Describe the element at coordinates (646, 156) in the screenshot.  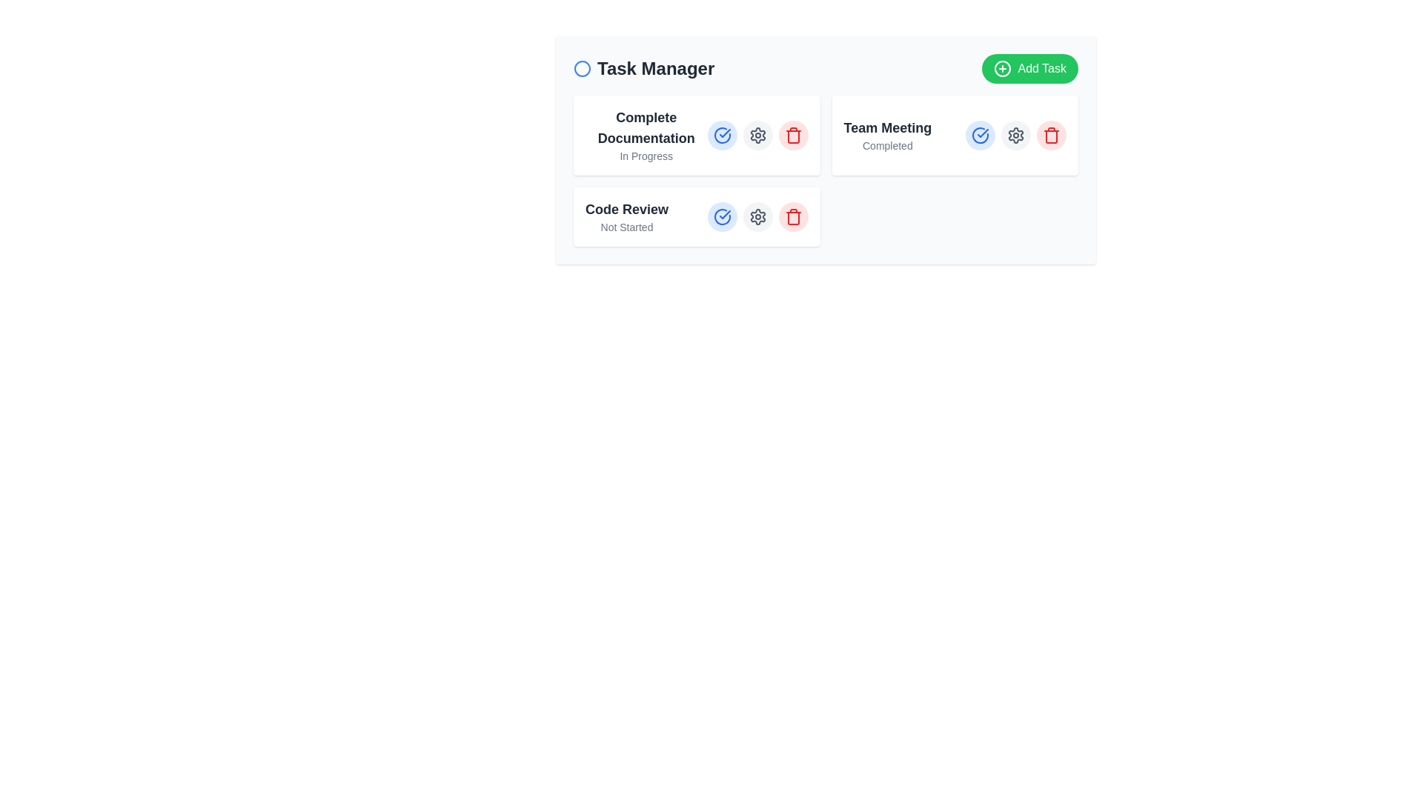
I see `the static text label that reads 'In Progress', which is styled with a gray color and located directly below 'Complete Documentation' in the first task card of the leftmost column` at that location.